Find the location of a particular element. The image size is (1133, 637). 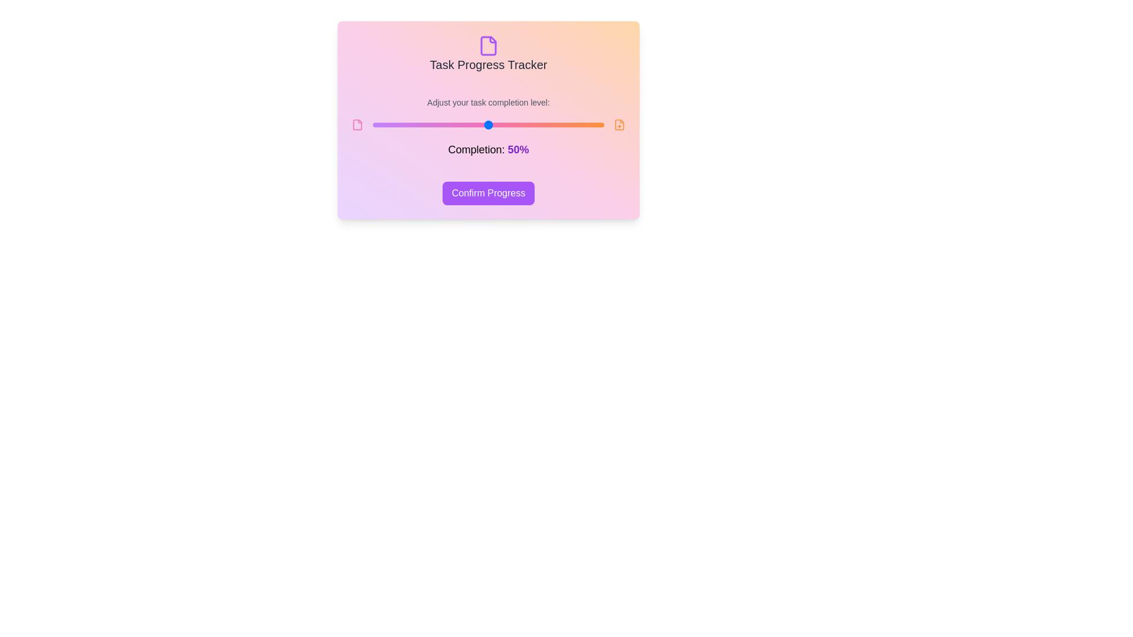

the icon right to observe visual feedback is located at coordinates (618, 125).